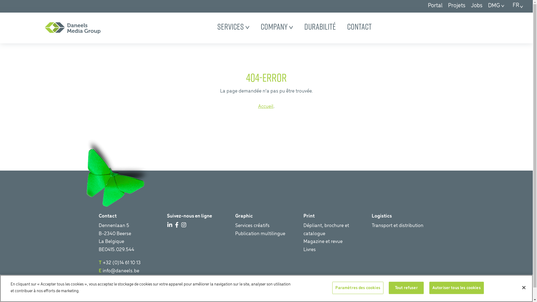  Describe the element at coordinates (233, 27) in the screenshot. I see `'Services'` at that location.